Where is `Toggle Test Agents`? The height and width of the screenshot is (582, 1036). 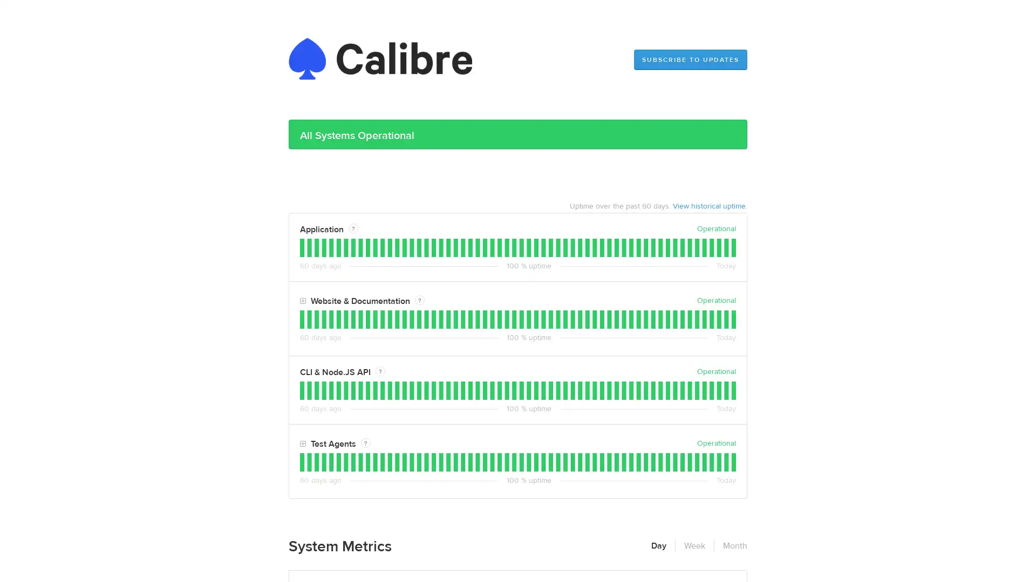 Toggle Test Agents is located at coordinates (302, 444).